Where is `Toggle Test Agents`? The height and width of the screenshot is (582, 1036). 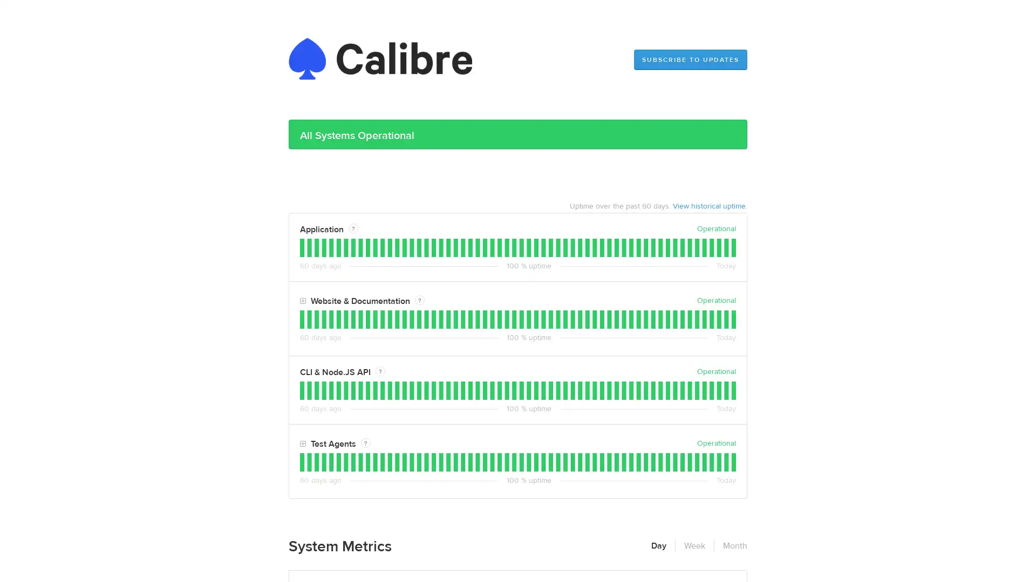 Toggle Test Agents is located at coordinates (302, 444).